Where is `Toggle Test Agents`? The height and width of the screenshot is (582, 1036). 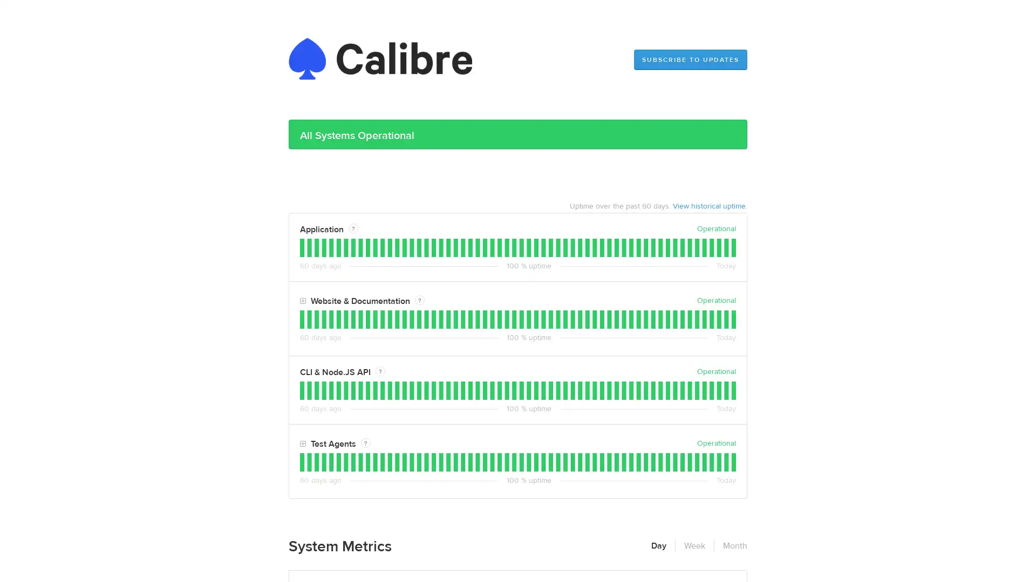 Toggle Test Agents is located at coordinates (302, 444).